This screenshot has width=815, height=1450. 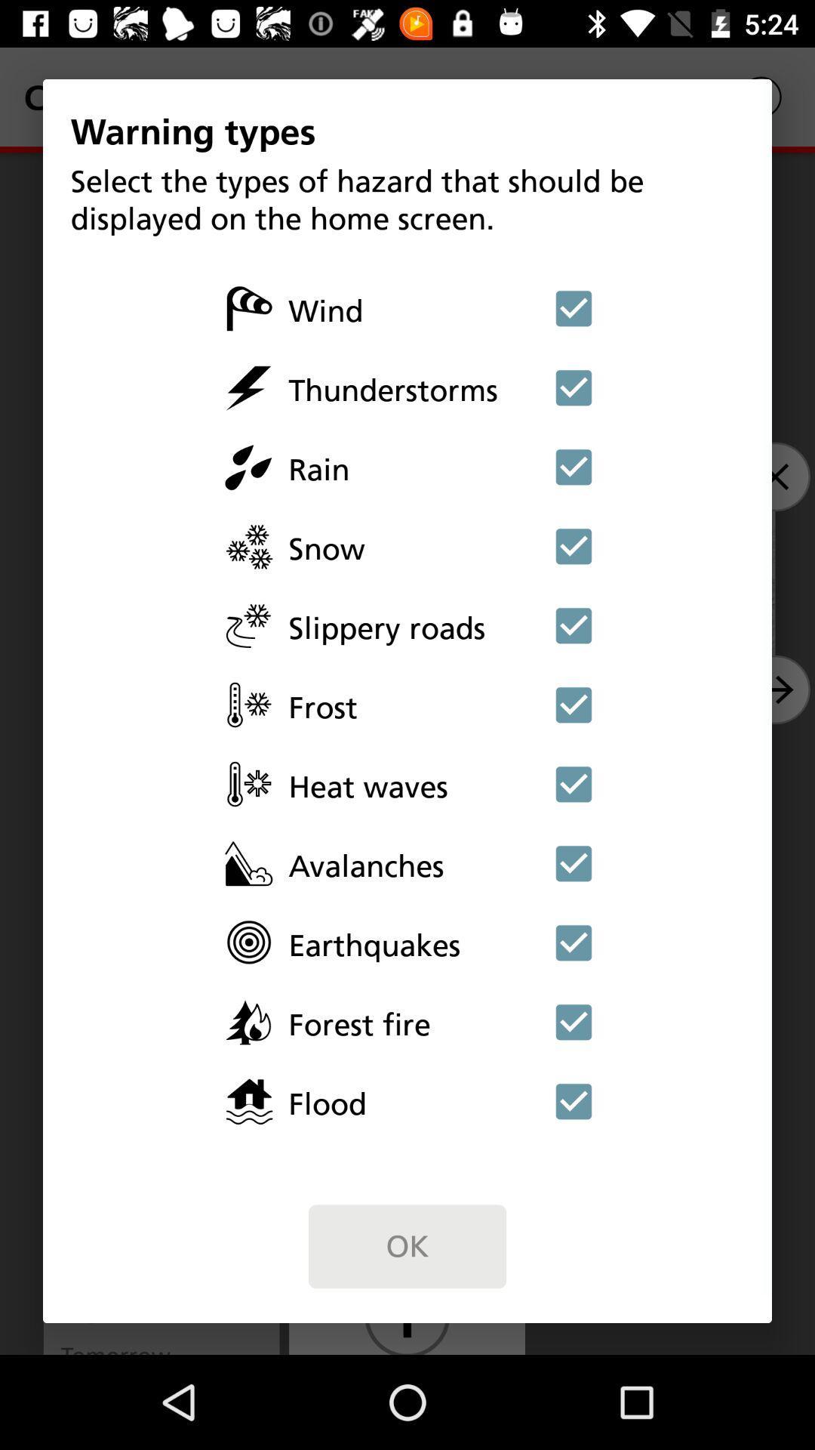 I want to click on unselect snow, so click(x=574, y=545).